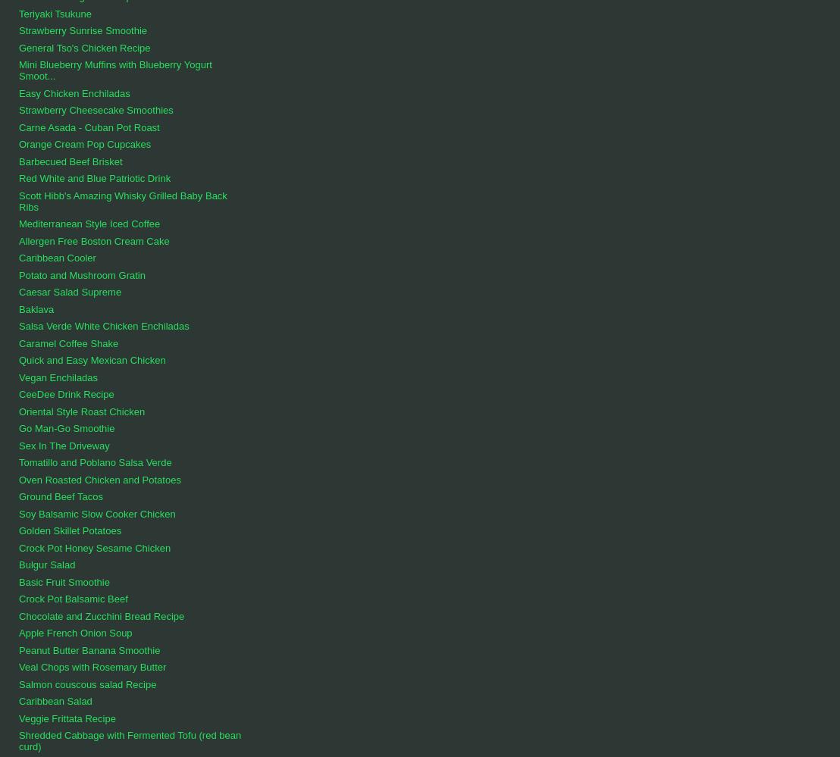 The width and height of the screenshot is (840, 757). What do you see at coordinates (82, 274) in the screenshot?
I see `'Potato and Mushroom Gratin'` at bounding box center [82, 274].